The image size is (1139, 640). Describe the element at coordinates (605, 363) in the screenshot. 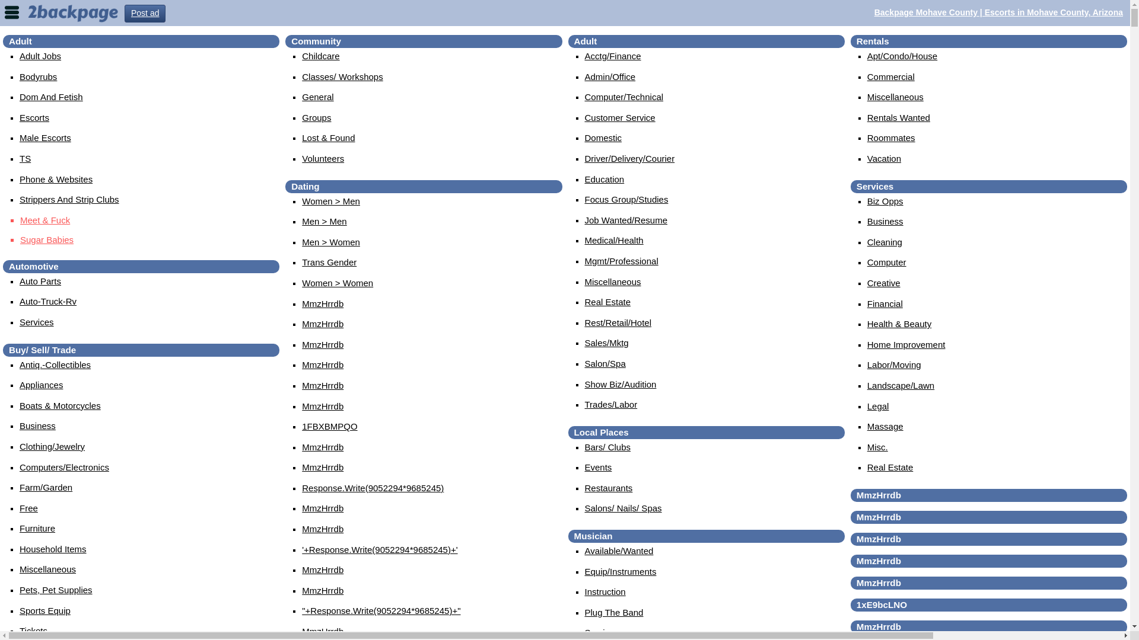

I see `'Salon/Spa'` at that location.